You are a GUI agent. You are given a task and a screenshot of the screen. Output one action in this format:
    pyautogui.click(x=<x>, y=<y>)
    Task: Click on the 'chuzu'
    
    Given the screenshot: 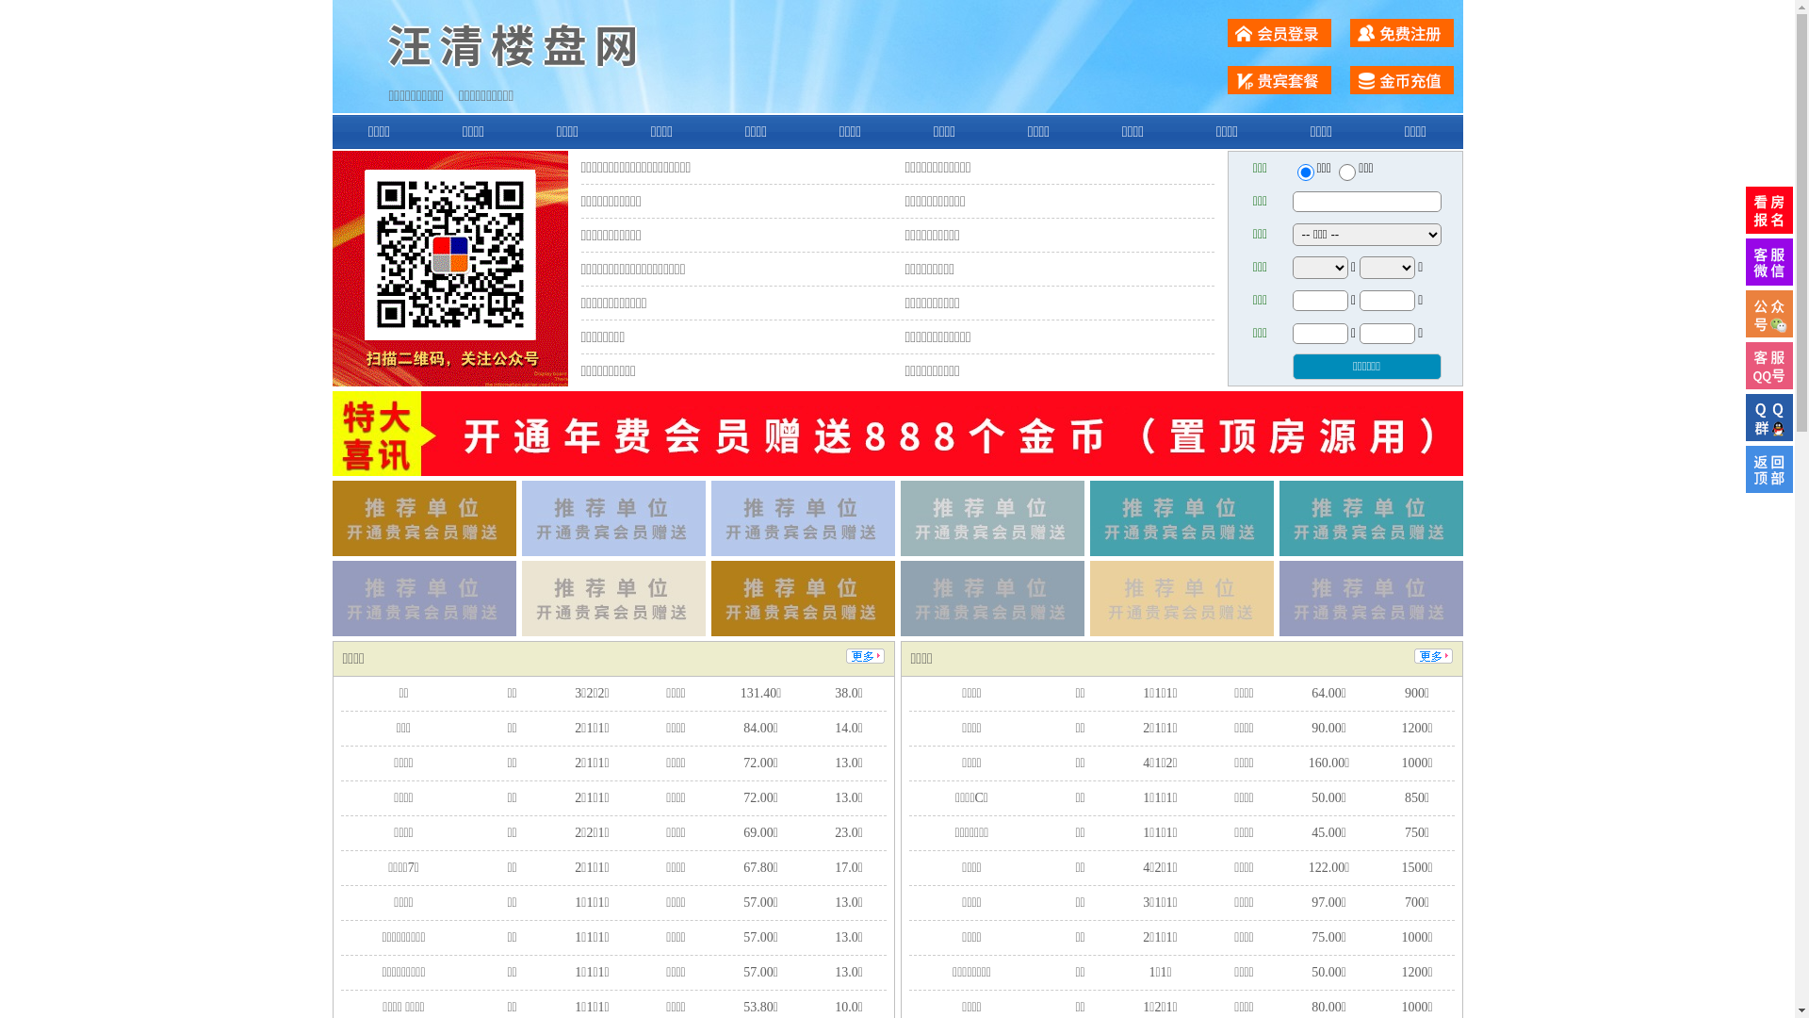 What is the action you would take?
    pyautogui.click(x=1346, y=172)
    